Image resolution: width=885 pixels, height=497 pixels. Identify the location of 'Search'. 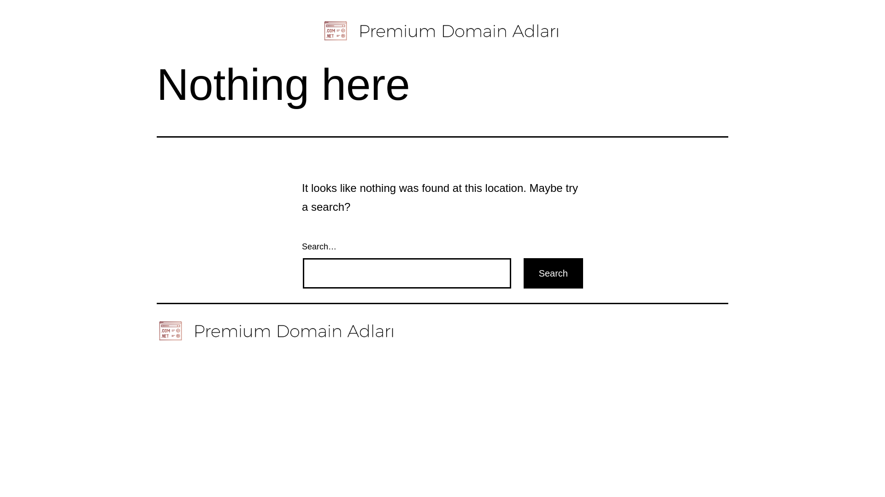
(553, 273).